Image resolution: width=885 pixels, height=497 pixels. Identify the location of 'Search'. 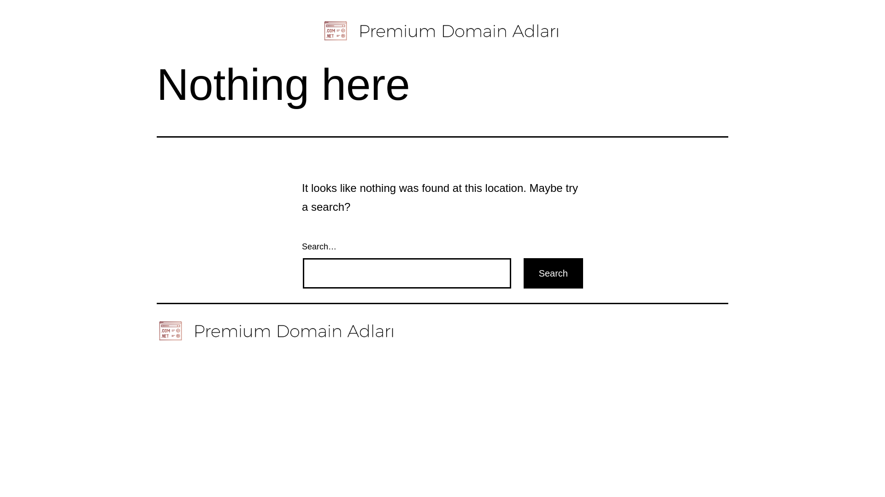
(553, 273).